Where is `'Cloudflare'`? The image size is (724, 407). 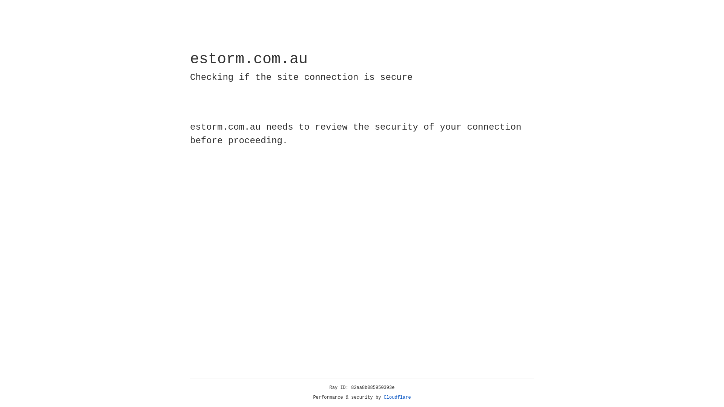
'Cloudflare' is located at coordinates (397, 397).